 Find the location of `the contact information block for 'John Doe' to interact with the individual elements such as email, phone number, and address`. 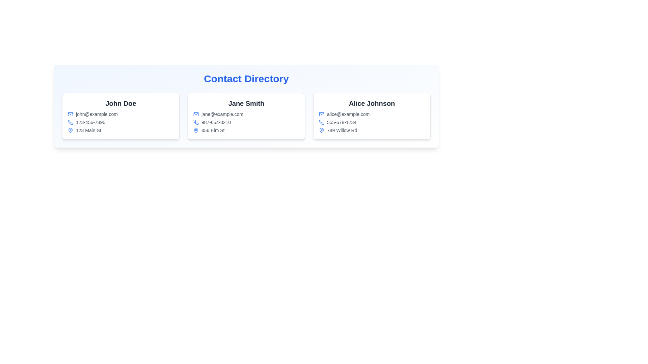

the contact information block for 'John Doe' to interact with the individual elements such as email, phone number, and address is located at coordinates (121, 122).